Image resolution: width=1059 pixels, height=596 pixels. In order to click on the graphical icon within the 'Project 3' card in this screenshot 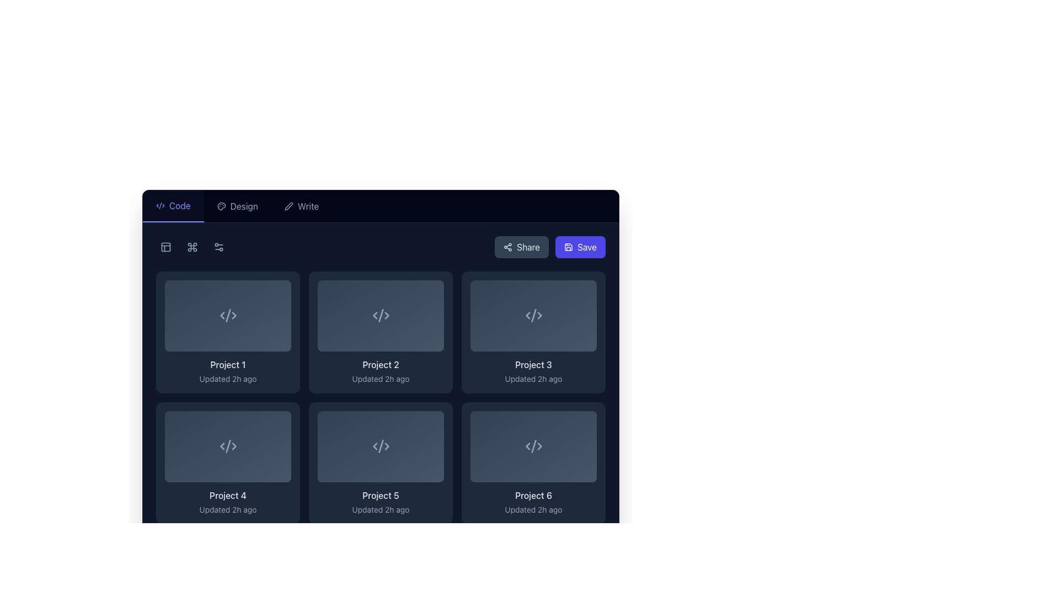, I will do `click(533, 316)`.